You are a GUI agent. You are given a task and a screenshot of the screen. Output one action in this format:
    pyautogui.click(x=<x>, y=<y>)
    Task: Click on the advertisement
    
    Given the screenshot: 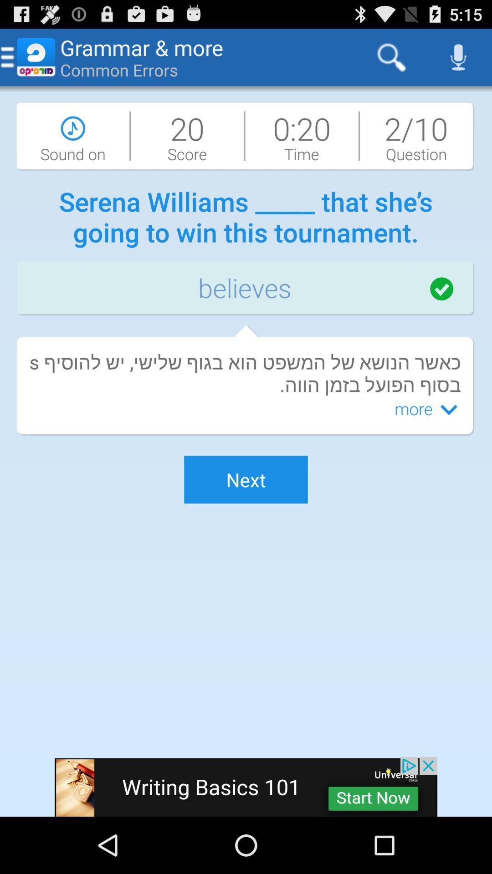 What is the action you would take?
    pyautogui.click(x=246, y=786)
    